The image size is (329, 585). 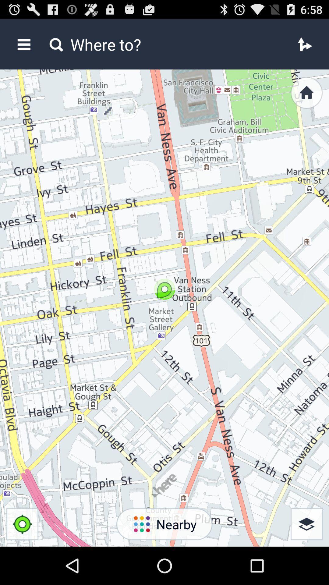 What do you see at coordinates (23, 47) in the screenshot?
I see `the menu icon` at bounding box center [23, 47].